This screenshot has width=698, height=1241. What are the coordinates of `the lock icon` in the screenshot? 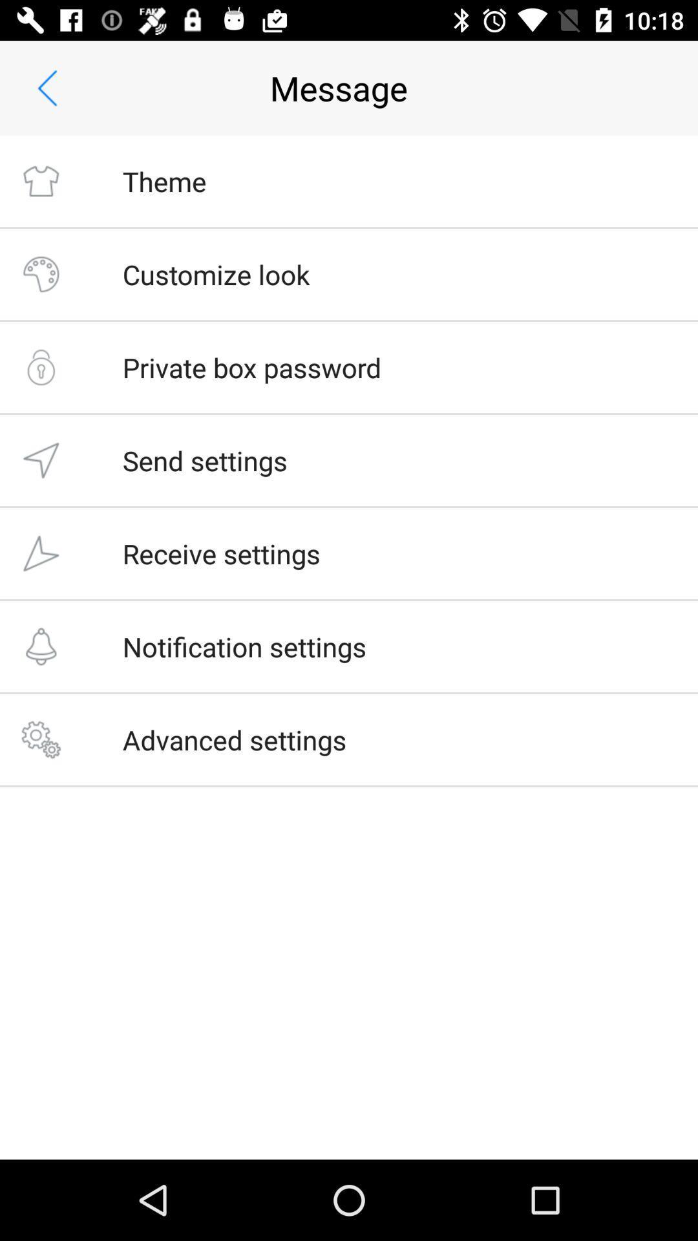 It's located at (40, 366).